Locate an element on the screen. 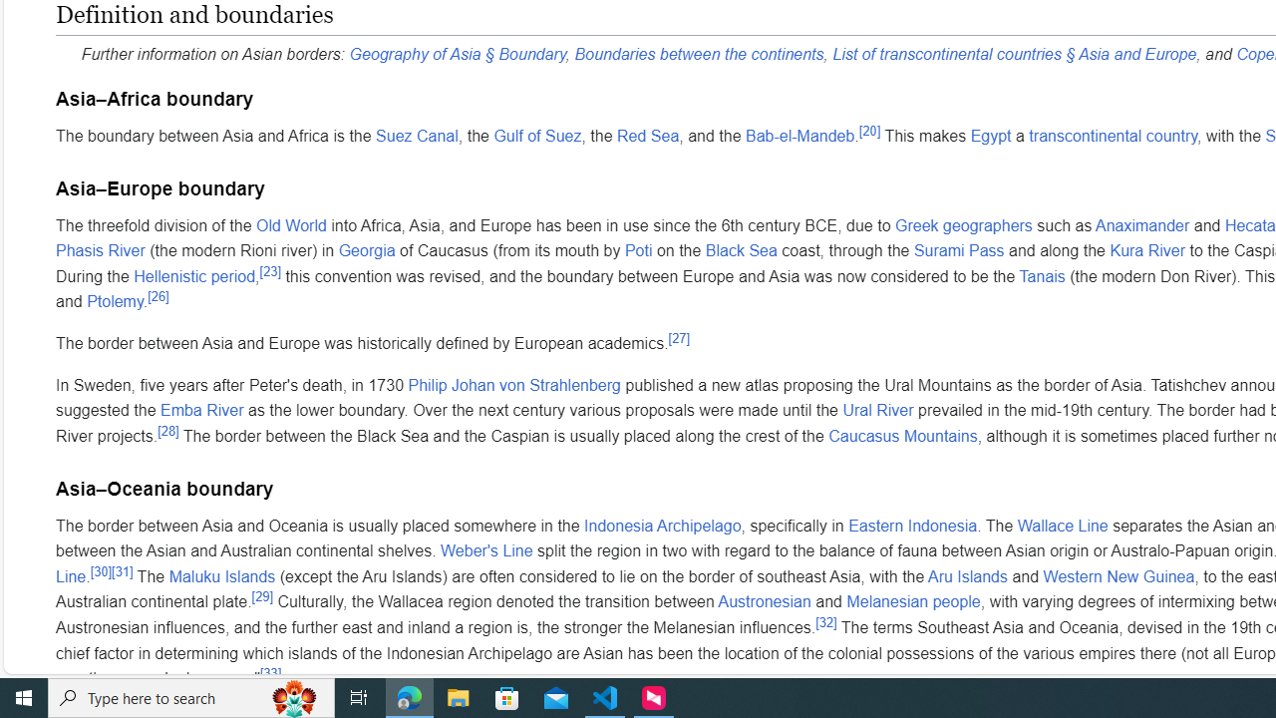  'Wallace Line' is located at coordinates (1062, 524).